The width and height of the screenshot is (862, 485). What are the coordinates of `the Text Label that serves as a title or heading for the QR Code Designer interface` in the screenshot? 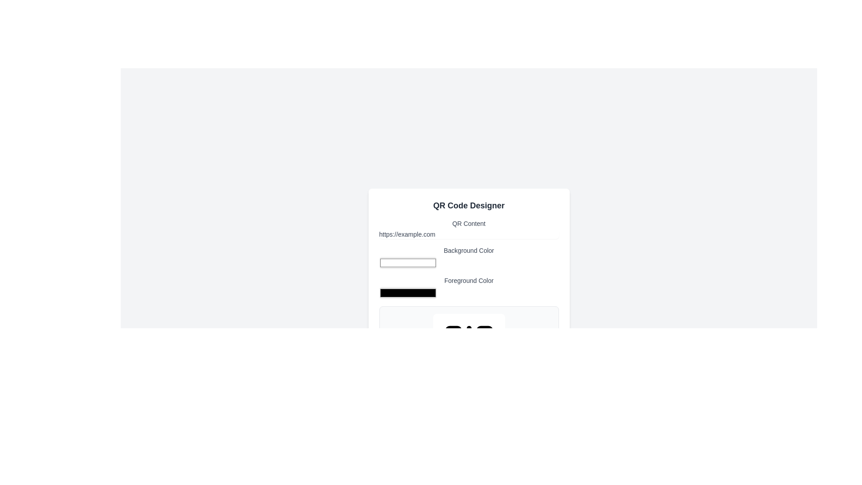 It's located at (468, 206).